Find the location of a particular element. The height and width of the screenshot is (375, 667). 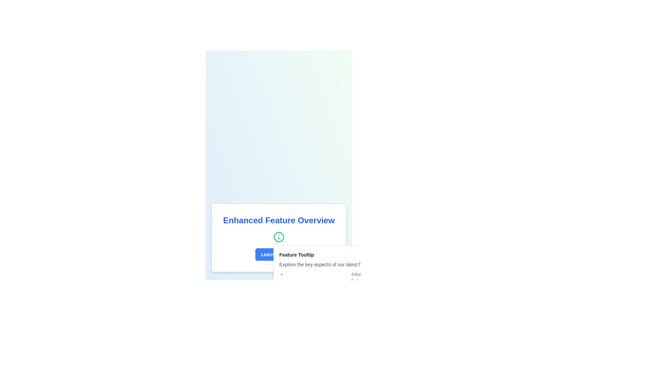

the circular graphical marker outlined in green, located below the 'Enhanced Feature Overview' heading and above the 'Learn More' button is located at coordinates (279, 237).